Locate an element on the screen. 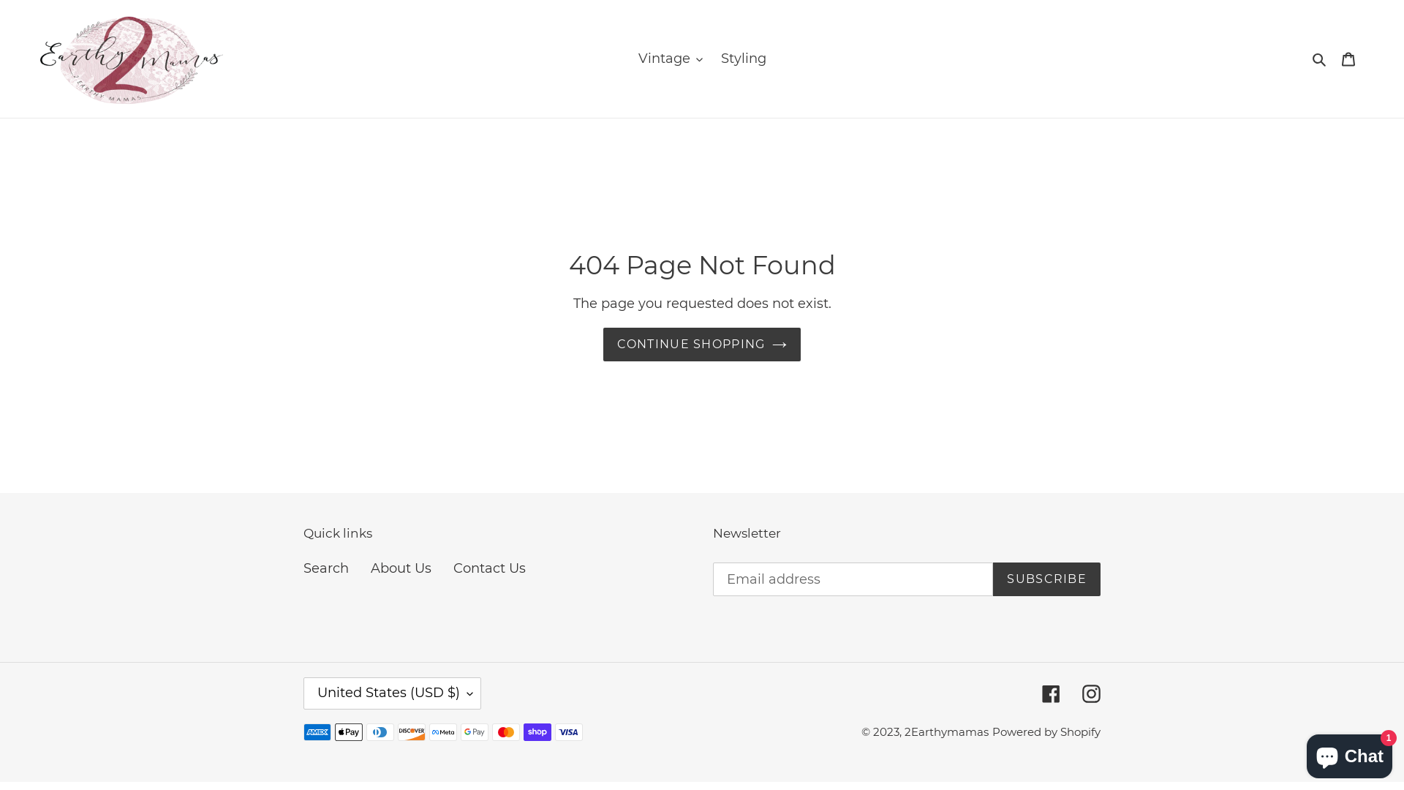 Image resolution: width=1404 pixels, height=790 pixels. 'Instagram' is located at coordinates (1091, 692).